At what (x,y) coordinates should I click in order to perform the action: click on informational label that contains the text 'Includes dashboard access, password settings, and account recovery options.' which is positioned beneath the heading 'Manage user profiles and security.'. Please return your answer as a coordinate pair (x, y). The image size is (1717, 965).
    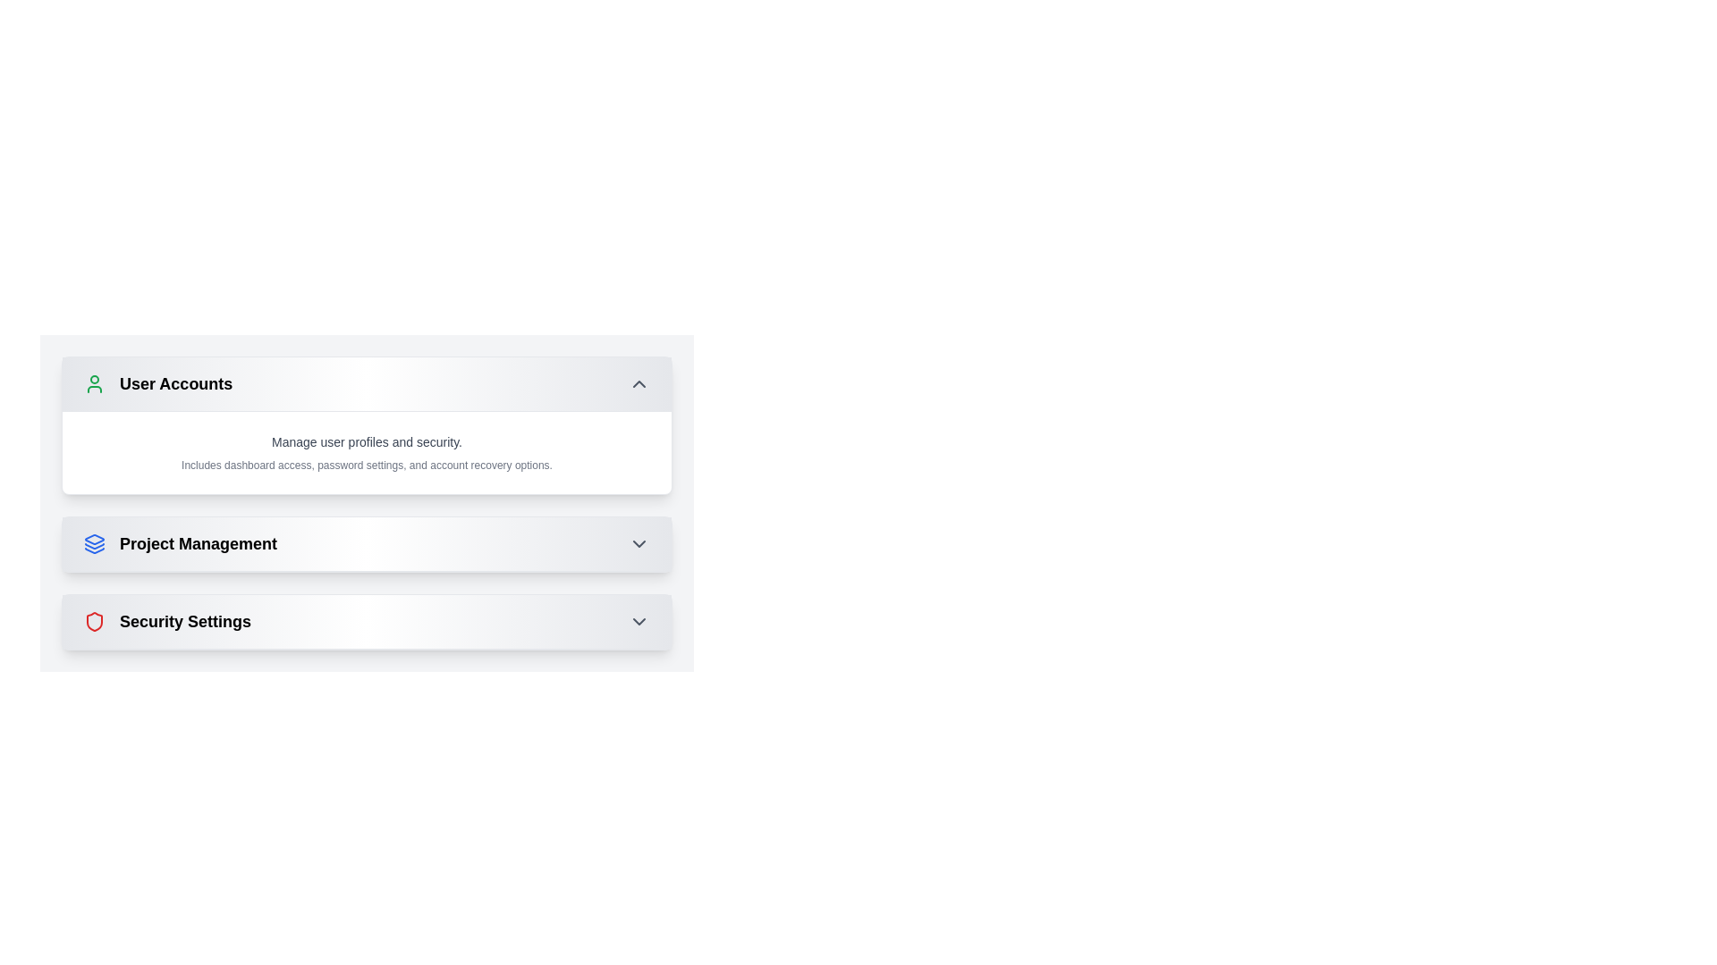
    Looking at the image, I should click on (366, 464).